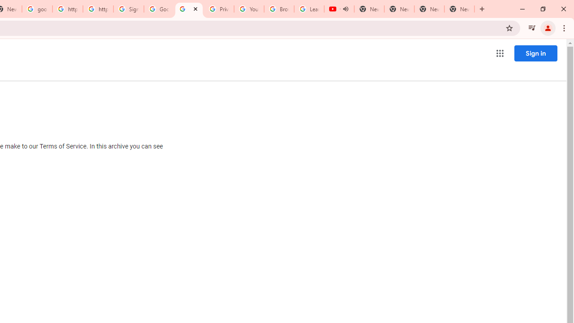 Image resolution: width=574 pixels, height=323 pixels. What do you see at coordinates (459, 9) in the screenshot?
I see `'New Tab'` at bounding box center [459, 9].